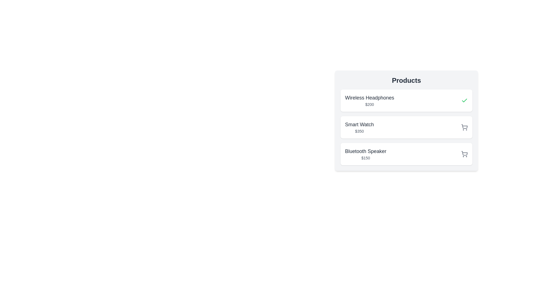  What do you see at coordinates (370, 98) in the screenshot?
I see `the 'Wireless Headphones' text label at the top of the 'Products' section, which is displayed in a larger bold font and dark gray color` at bounding box center [370, 98].